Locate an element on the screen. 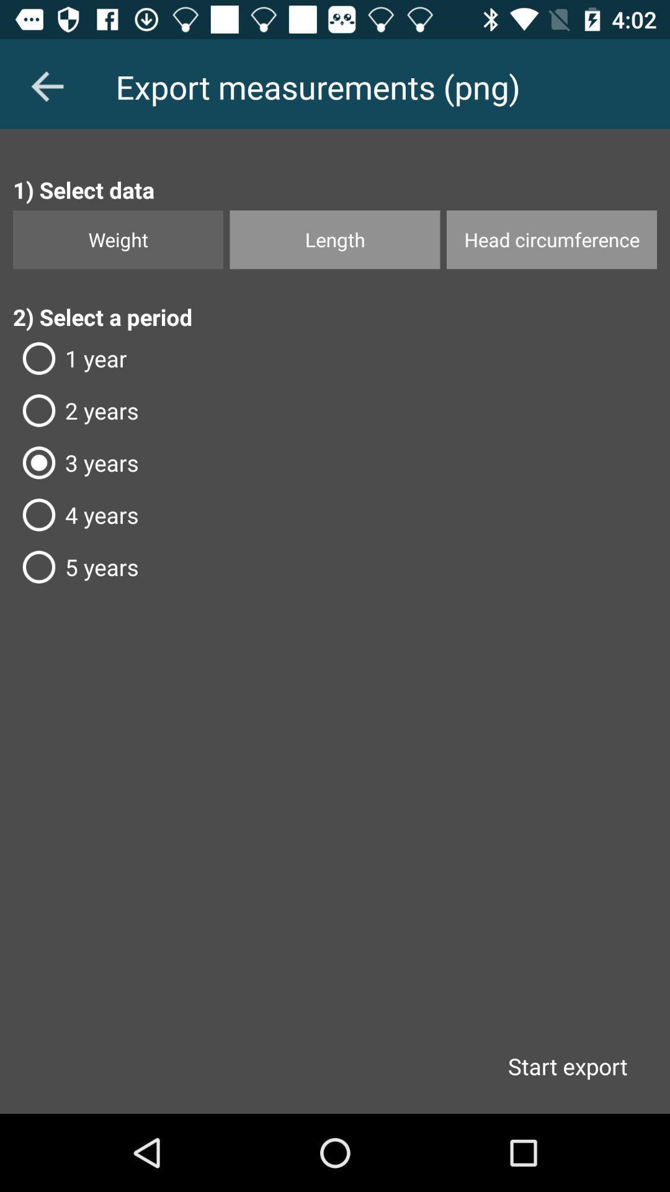 Image resolution: width=670 pixels, height=1192 pixels. the item below 2 years icon is located at coordinates (335, 462).